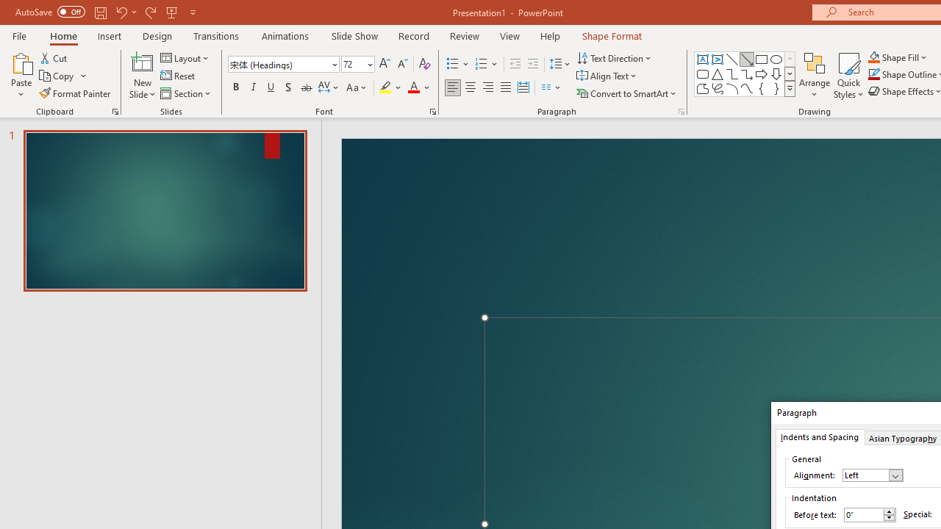 The width and height of the screenshot is (941, 529). Describe the element at coordinates (615, 57) in the screenshot. I see `'Text Direction'` at that location.